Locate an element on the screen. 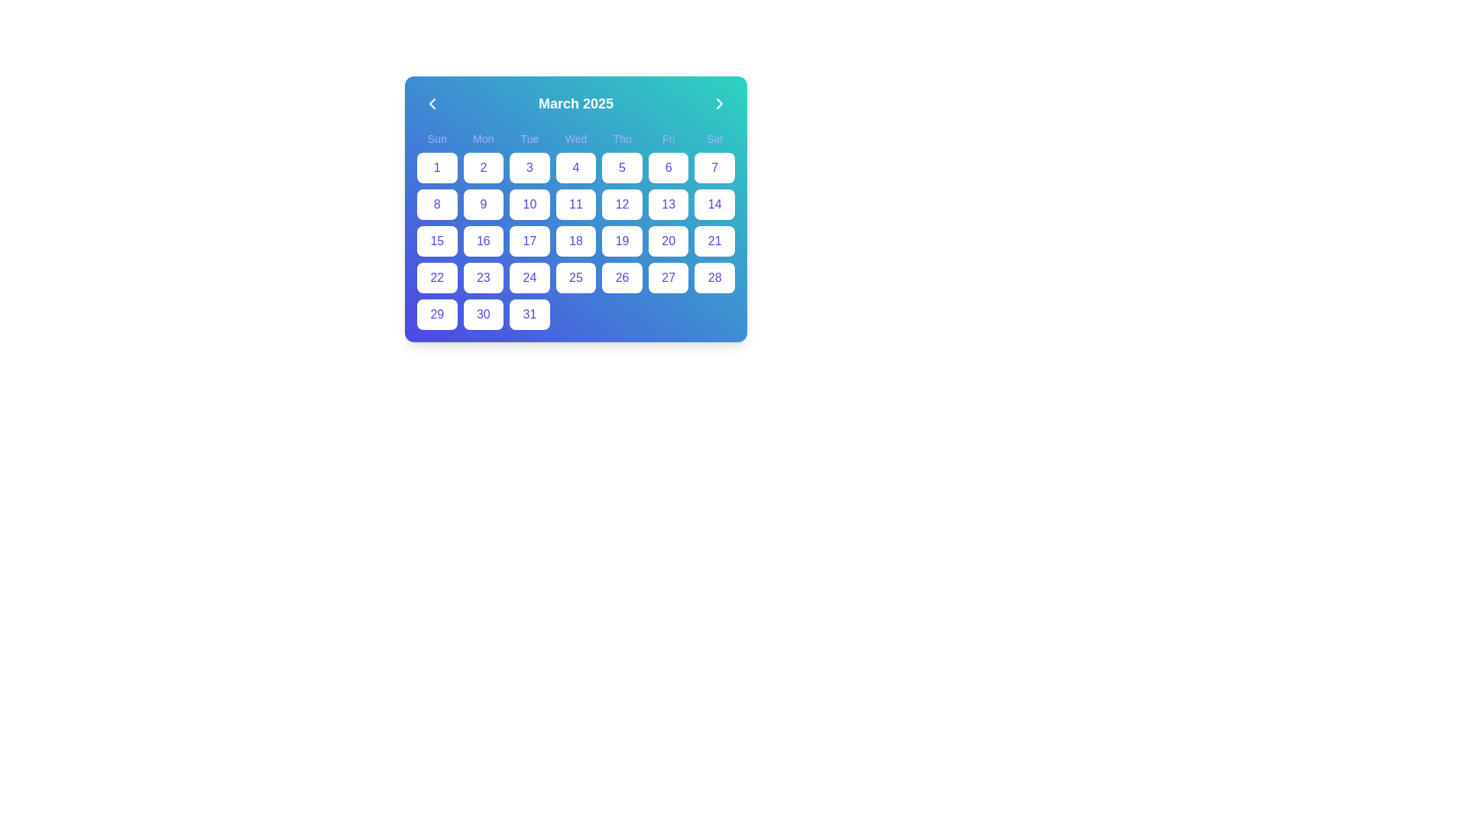  the rightmost button in the header bar that is adjacent to the 'March 2025' text to observe the background change effect is located at coordinates (718, 103).